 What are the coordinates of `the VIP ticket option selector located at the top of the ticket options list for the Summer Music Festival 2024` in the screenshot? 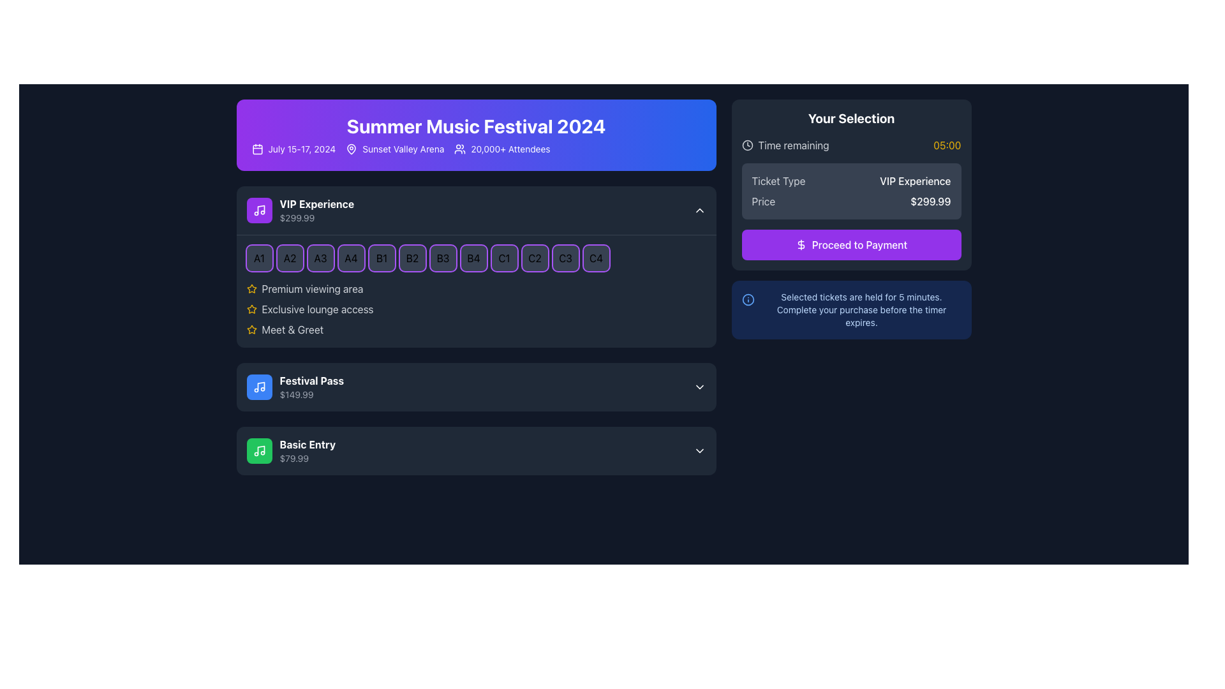 It's located at (299, 210).